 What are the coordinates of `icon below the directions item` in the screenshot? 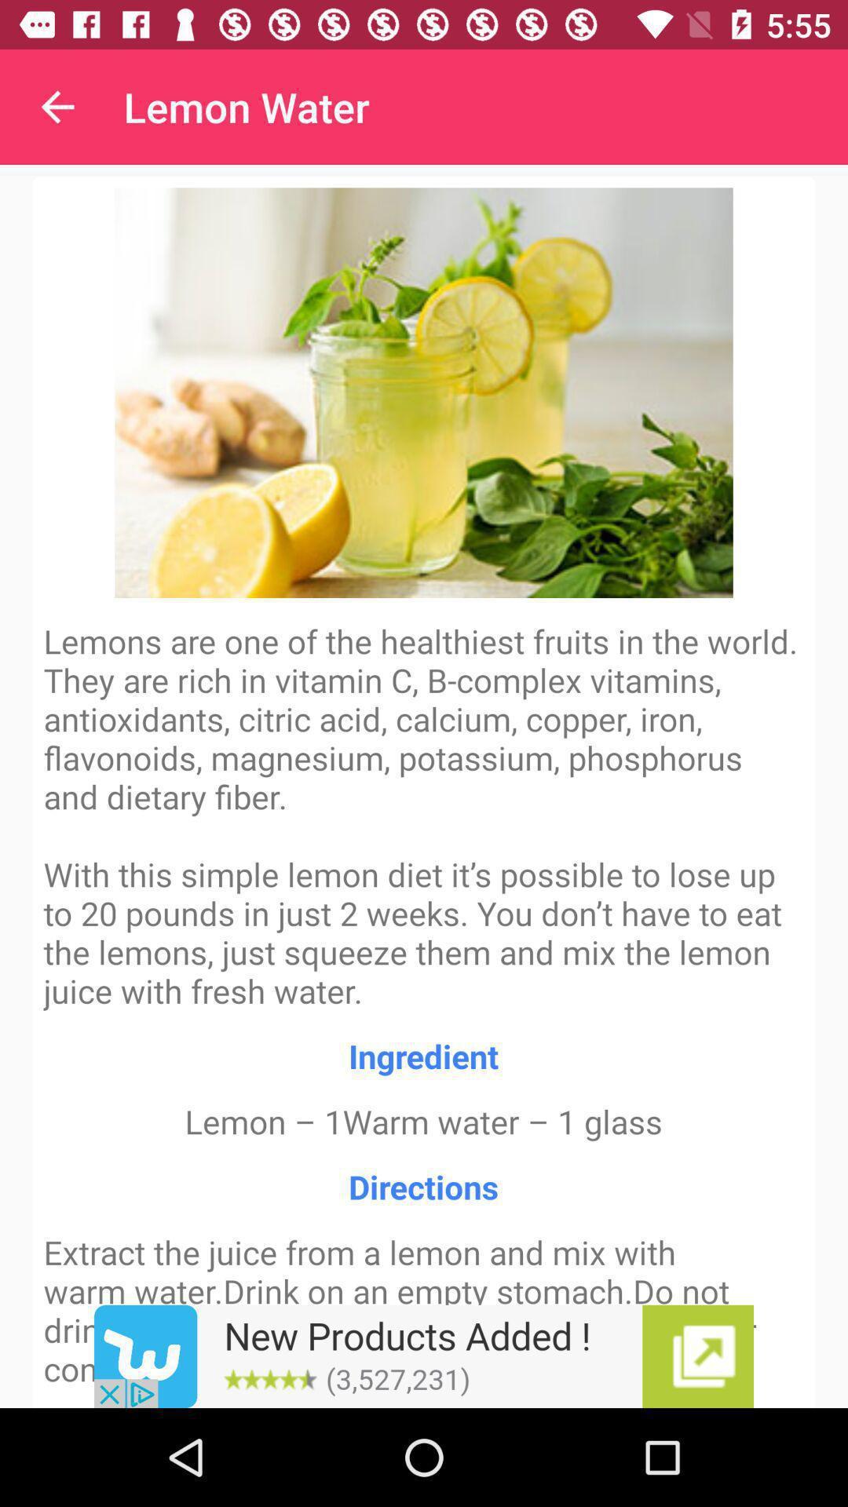 It's located at (424, 1356).